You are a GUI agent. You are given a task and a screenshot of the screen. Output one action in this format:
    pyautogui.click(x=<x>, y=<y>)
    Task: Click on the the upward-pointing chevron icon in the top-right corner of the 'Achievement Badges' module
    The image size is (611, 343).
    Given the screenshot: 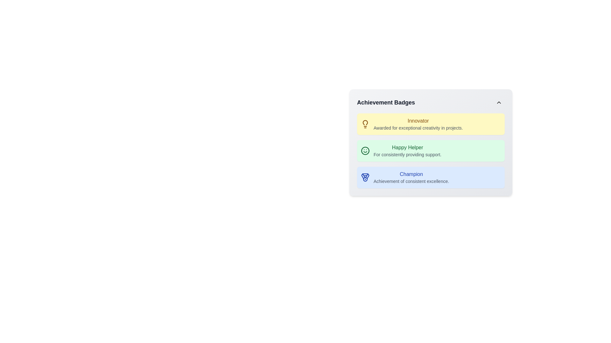 What is the action you would take?
    pyautogui.click(x=499, y=102)
    